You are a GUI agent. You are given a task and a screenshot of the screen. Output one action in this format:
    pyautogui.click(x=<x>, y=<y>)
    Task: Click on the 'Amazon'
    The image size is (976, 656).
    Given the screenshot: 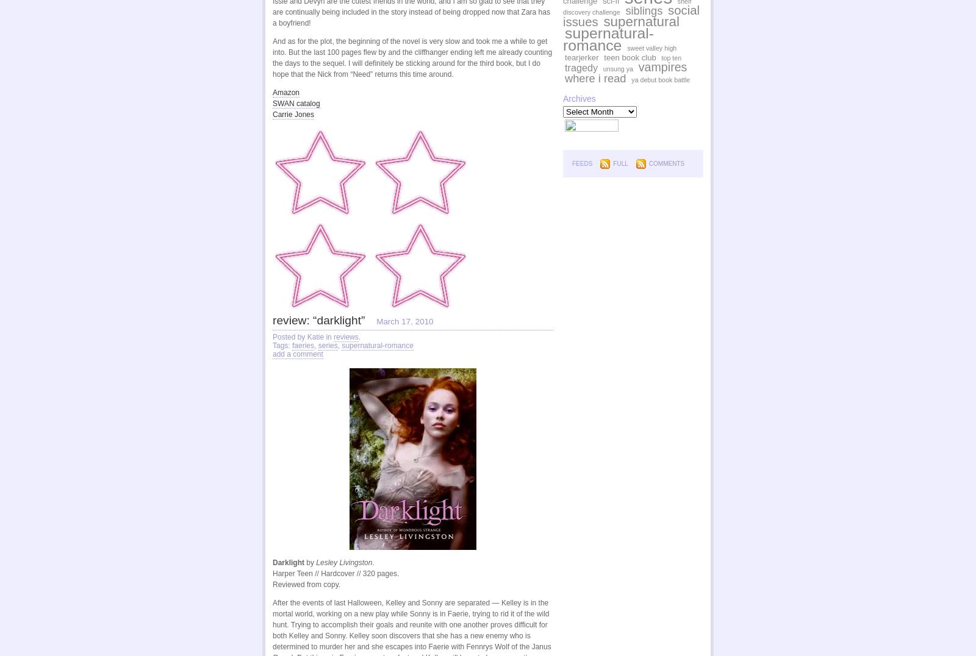 What is the action you would take?
    pyautogui.click(x=272, y=93)
    